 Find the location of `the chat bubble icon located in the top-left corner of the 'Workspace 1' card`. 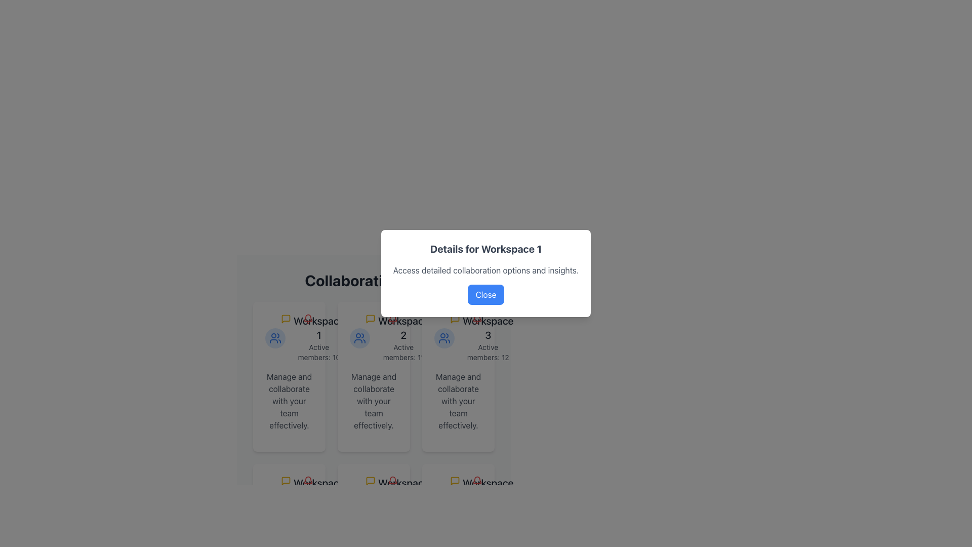

the chat bubble icon located in the top-left corner of the 'Workspace 1' card is located at coordinates (286, 318).